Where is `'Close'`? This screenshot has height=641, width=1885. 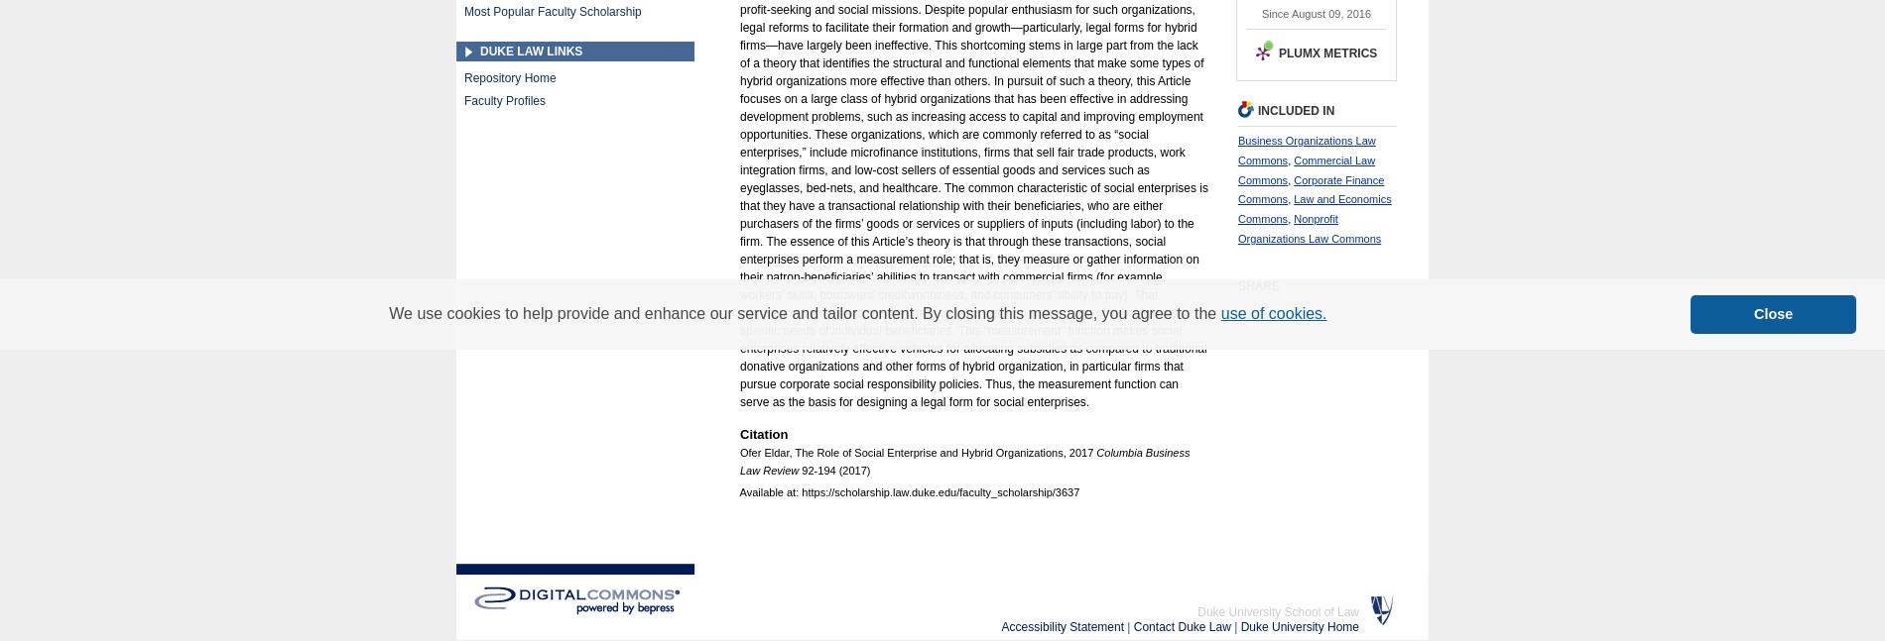 'Close' is located at coordinates (1772, 313).